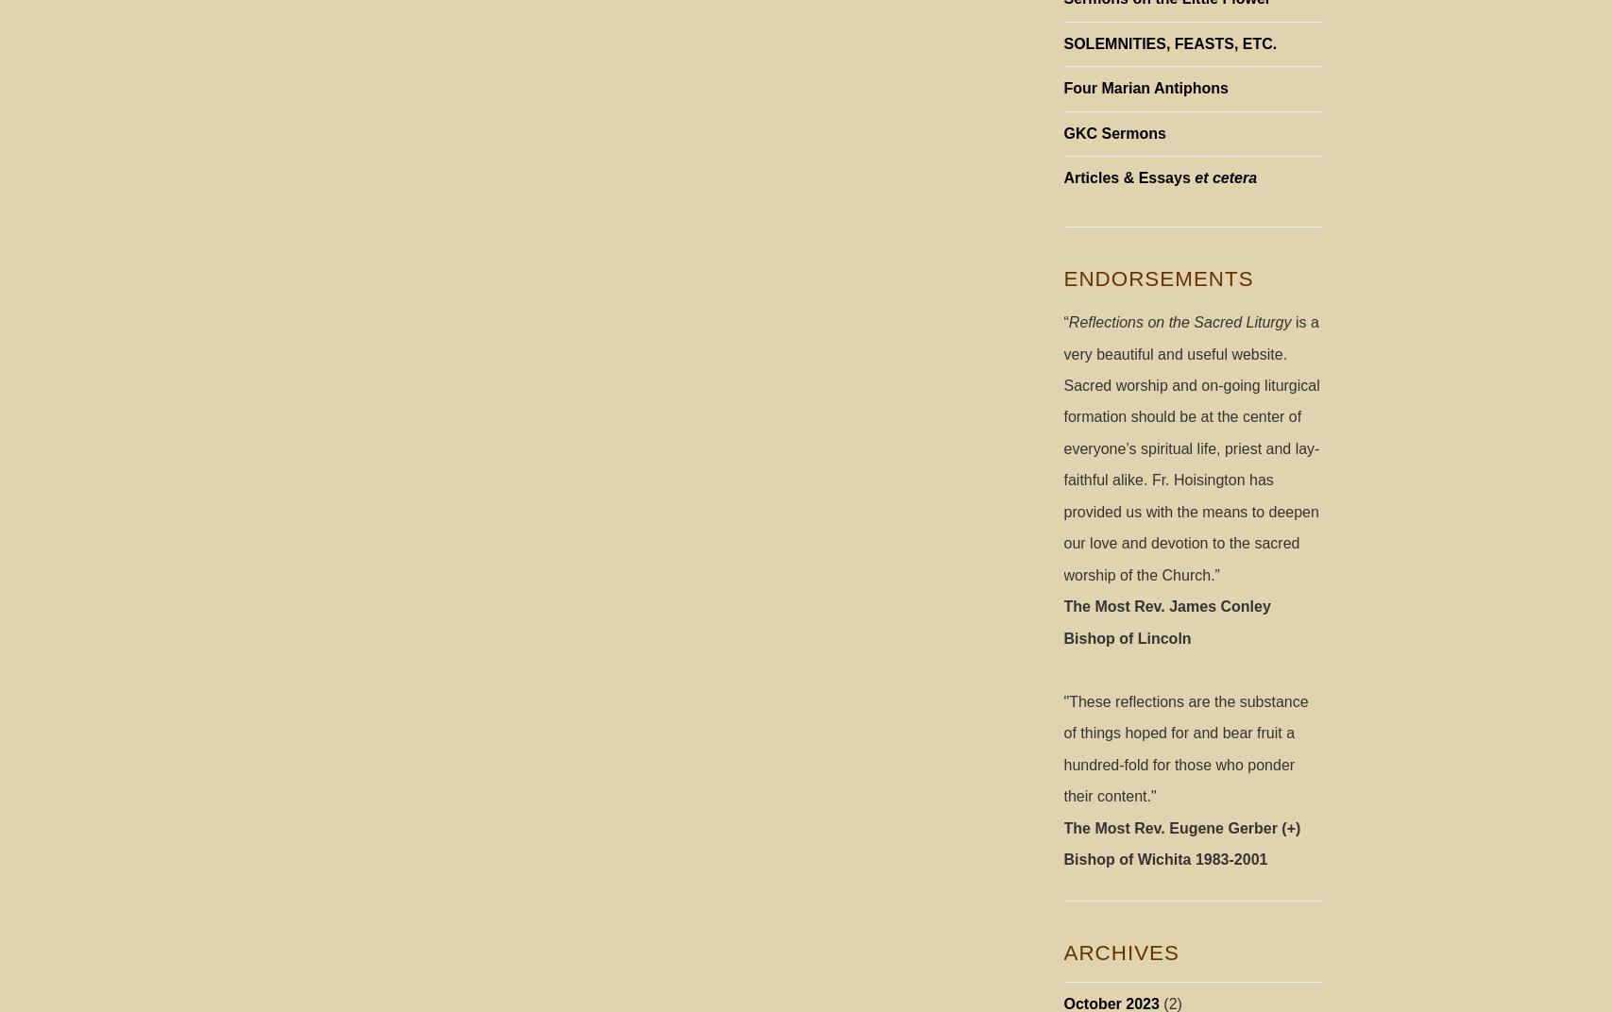 The height and width of the screenshot is (1012, 1612). Describe the element at coordinates (1180, 827) in the screenshot. I see `'The Most Rev. Eugene Gerber (+)'` at that location.